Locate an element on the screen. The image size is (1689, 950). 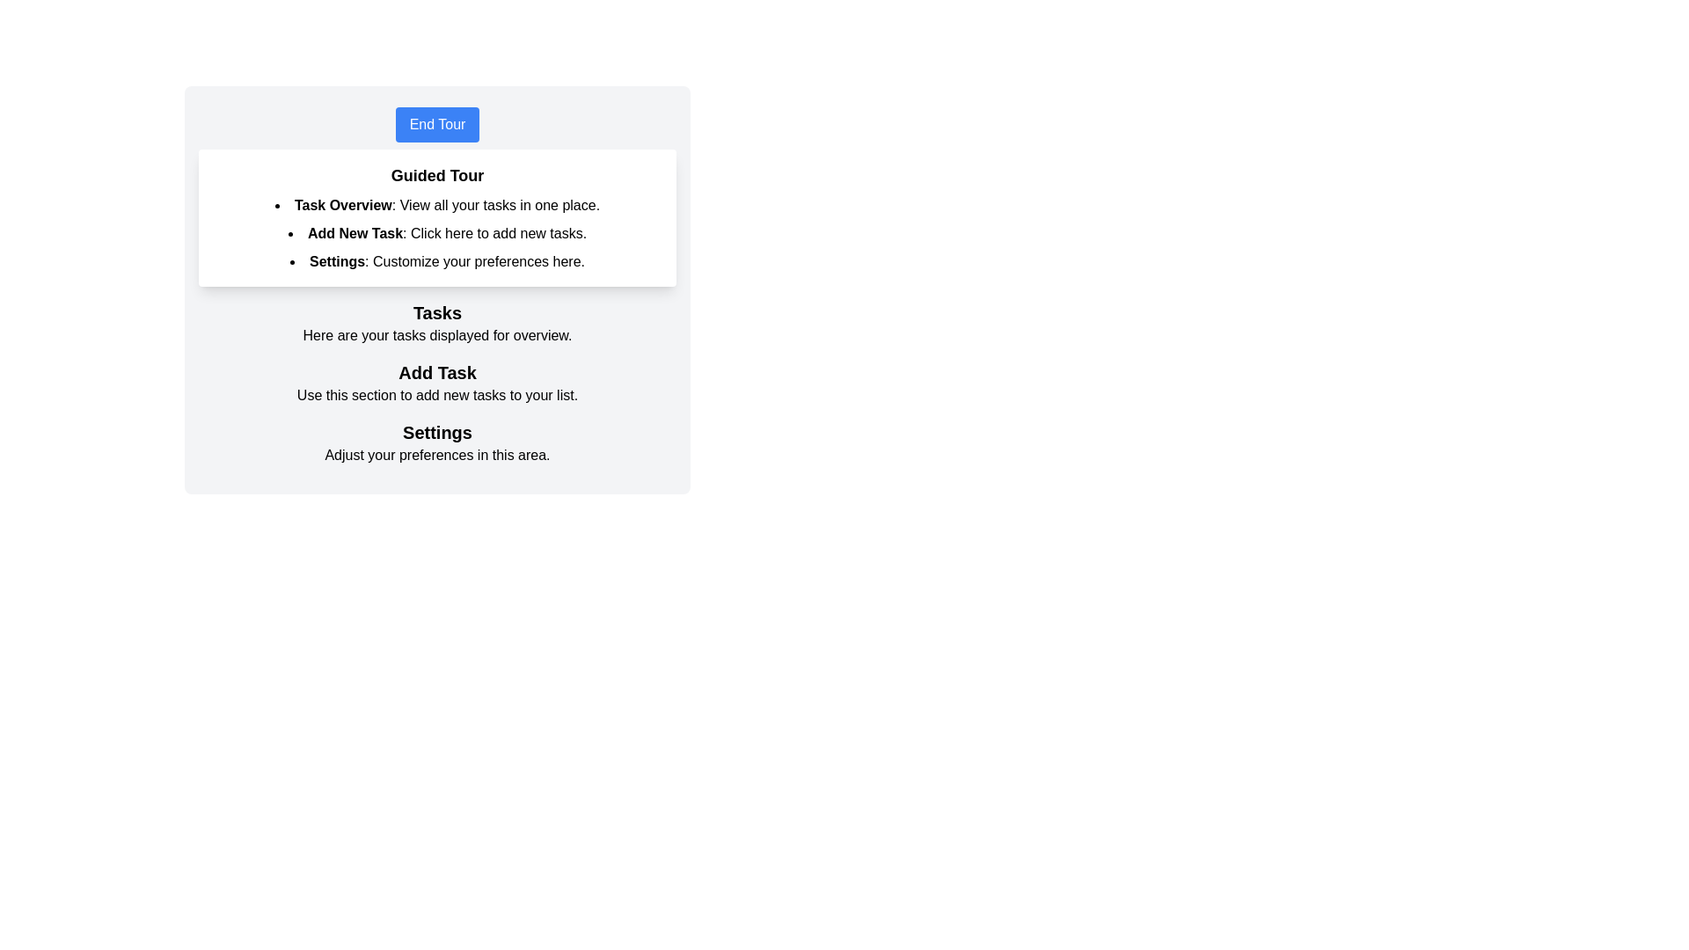
the descriptive text label located directly below the 'Settings' heading in the 'Settings' section of the interface is located at coordinates (437, 454).